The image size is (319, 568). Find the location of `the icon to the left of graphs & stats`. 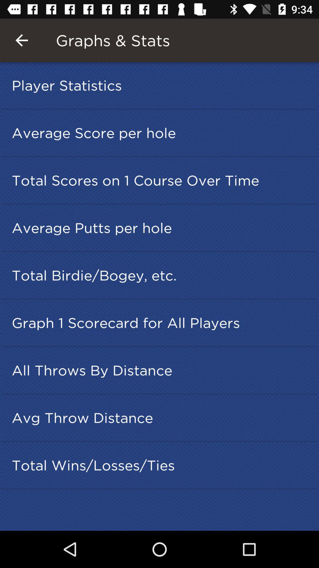

the icon to the left of graphs & stats is located at coordinates (21, 40).